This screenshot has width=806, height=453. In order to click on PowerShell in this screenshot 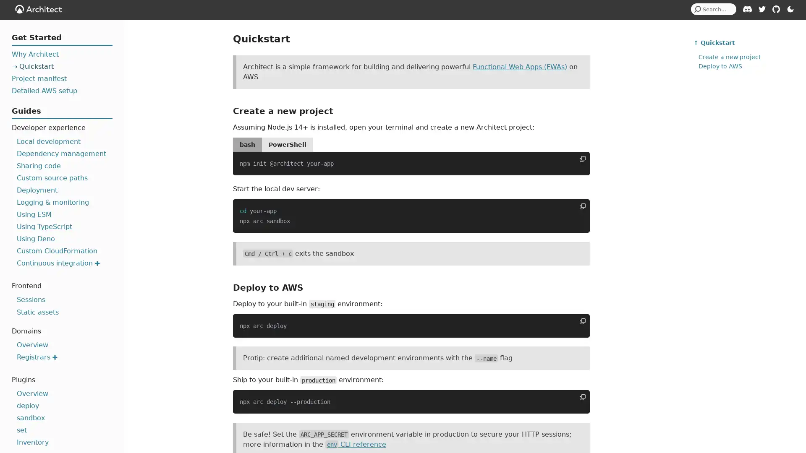, I will do `click(288, 144)`.